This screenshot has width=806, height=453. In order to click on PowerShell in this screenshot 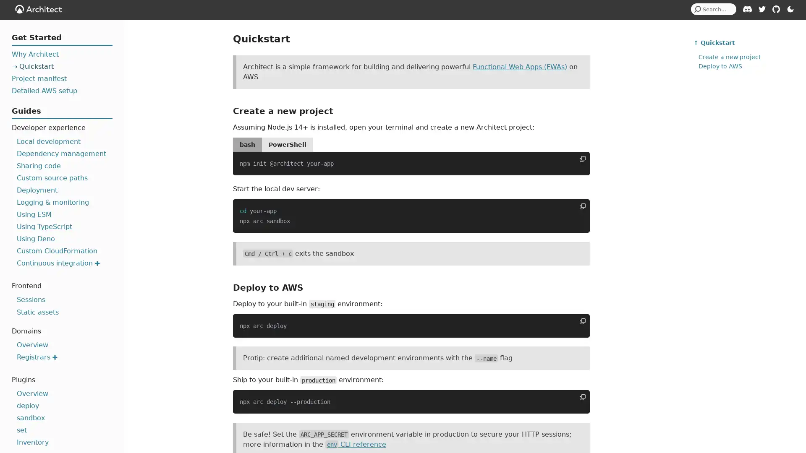, I will do `click(288, 144)`.